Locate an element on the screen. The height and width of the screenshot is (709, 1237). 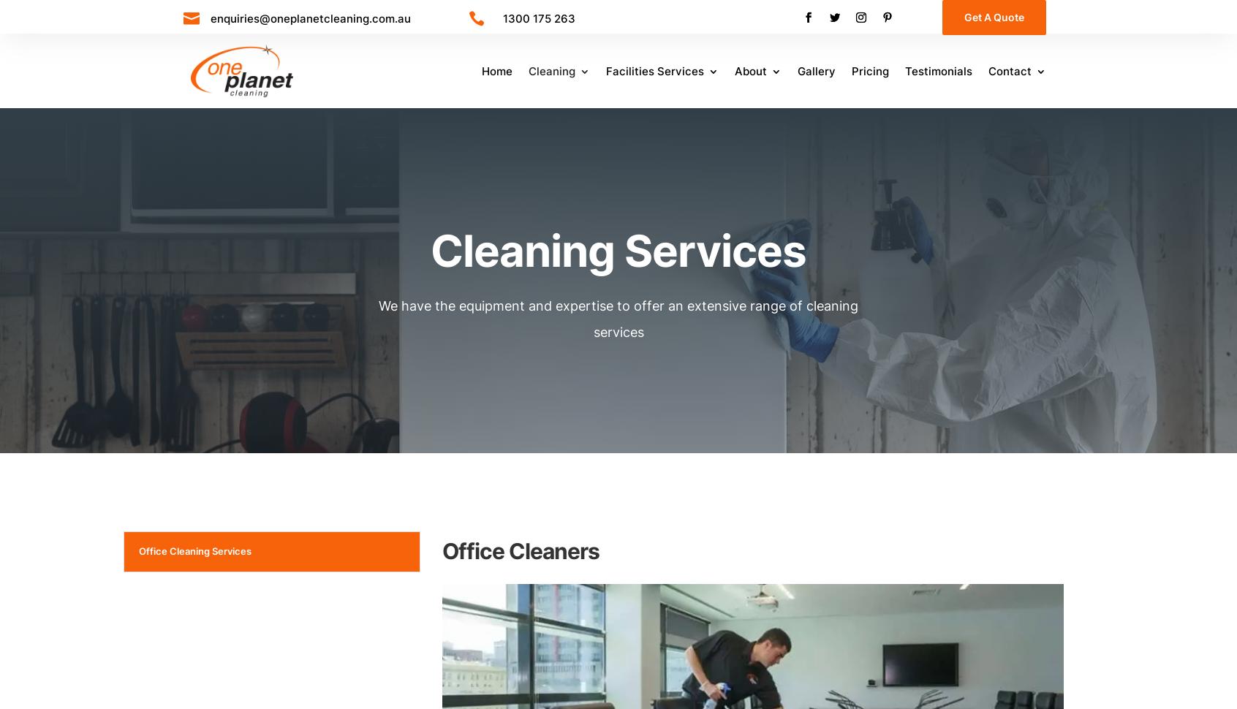
'Testimonials' is located at coordinates (937, 71).